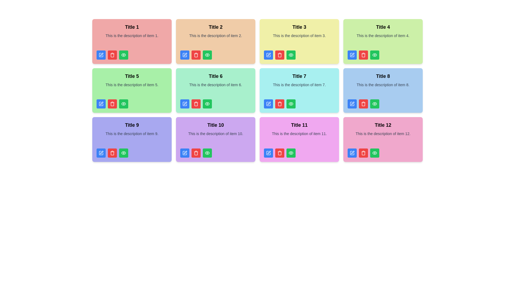 This screenshot has height=290, width=515. What do you see at coordinates (374, 55) in the screenshot?
I see `the third button in the group located in the bottom right corner of the card labeled 'Title 4'` at bounding box center [374, 55].